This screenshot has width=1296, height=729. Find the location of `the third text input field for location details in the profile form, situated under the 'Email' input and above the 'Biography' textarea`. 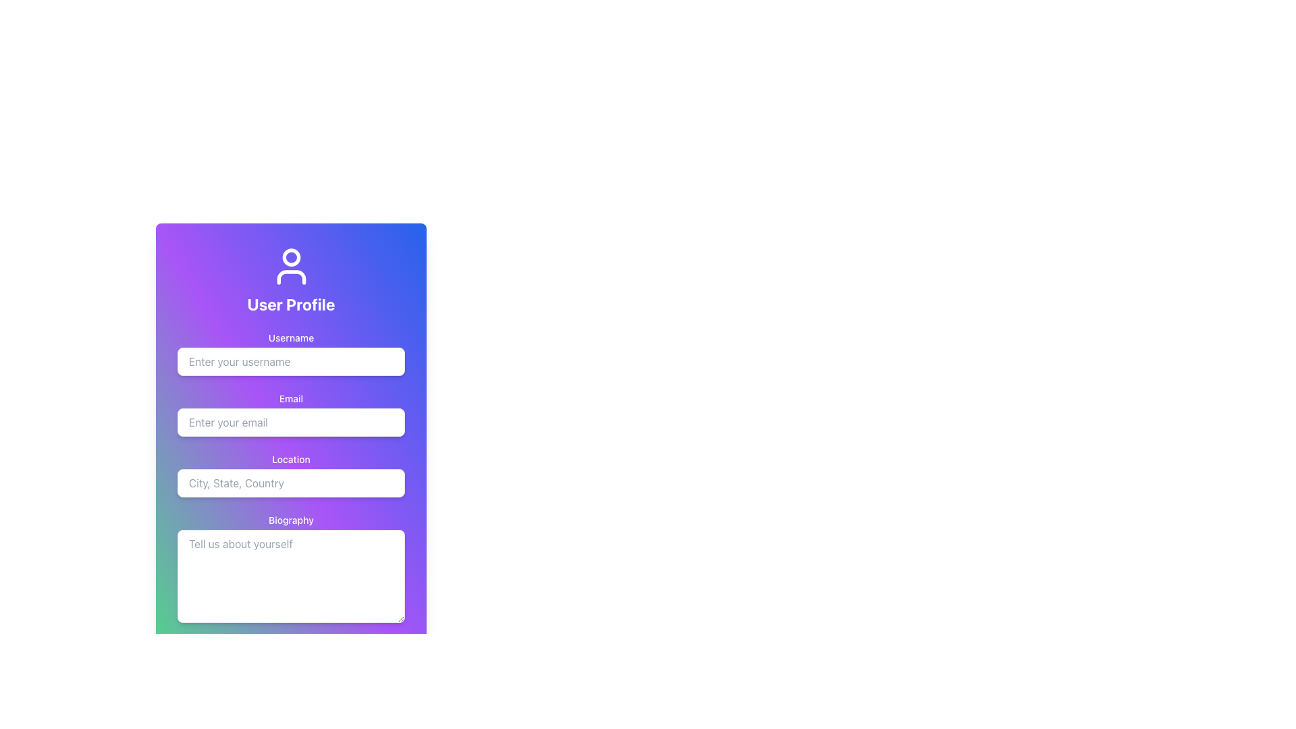

the third text input field for location details in the profile form, situated under the 'Email' input and above the 'Biography' textarea is located at coordinates (290, 475).